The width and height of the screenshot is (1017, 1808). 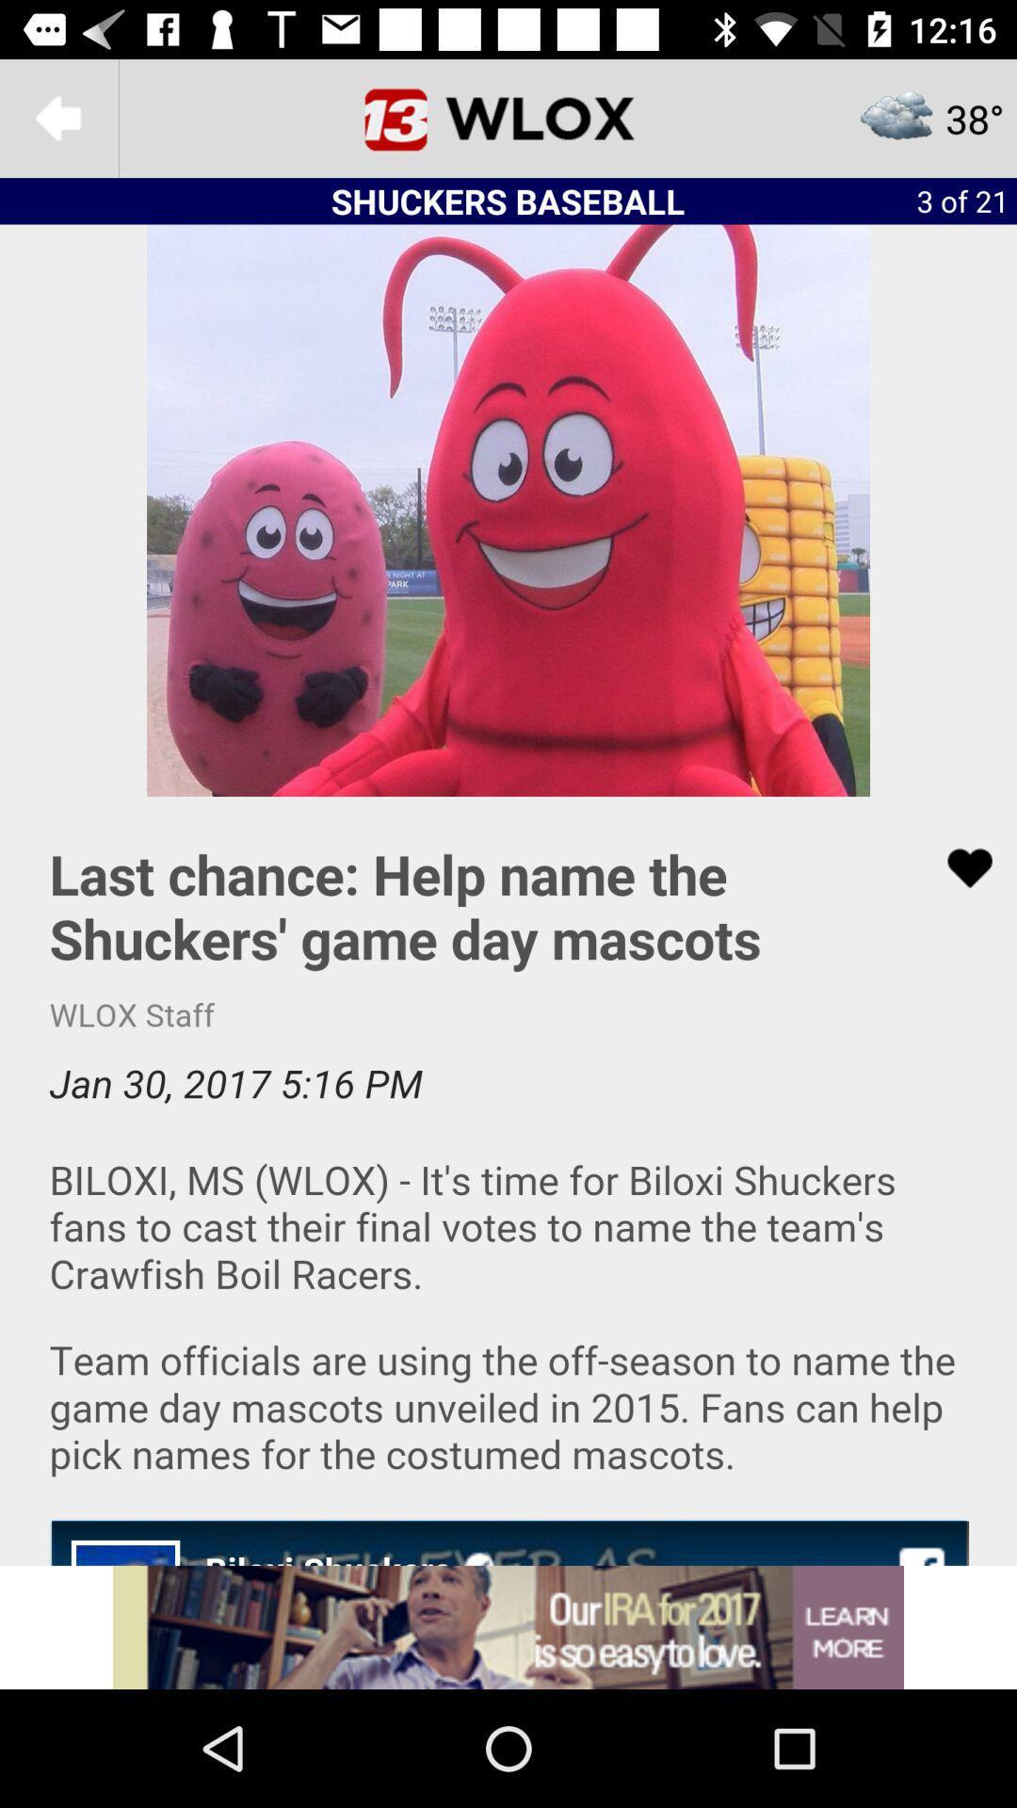 I want to click on go back, so click(x=57, y=117).